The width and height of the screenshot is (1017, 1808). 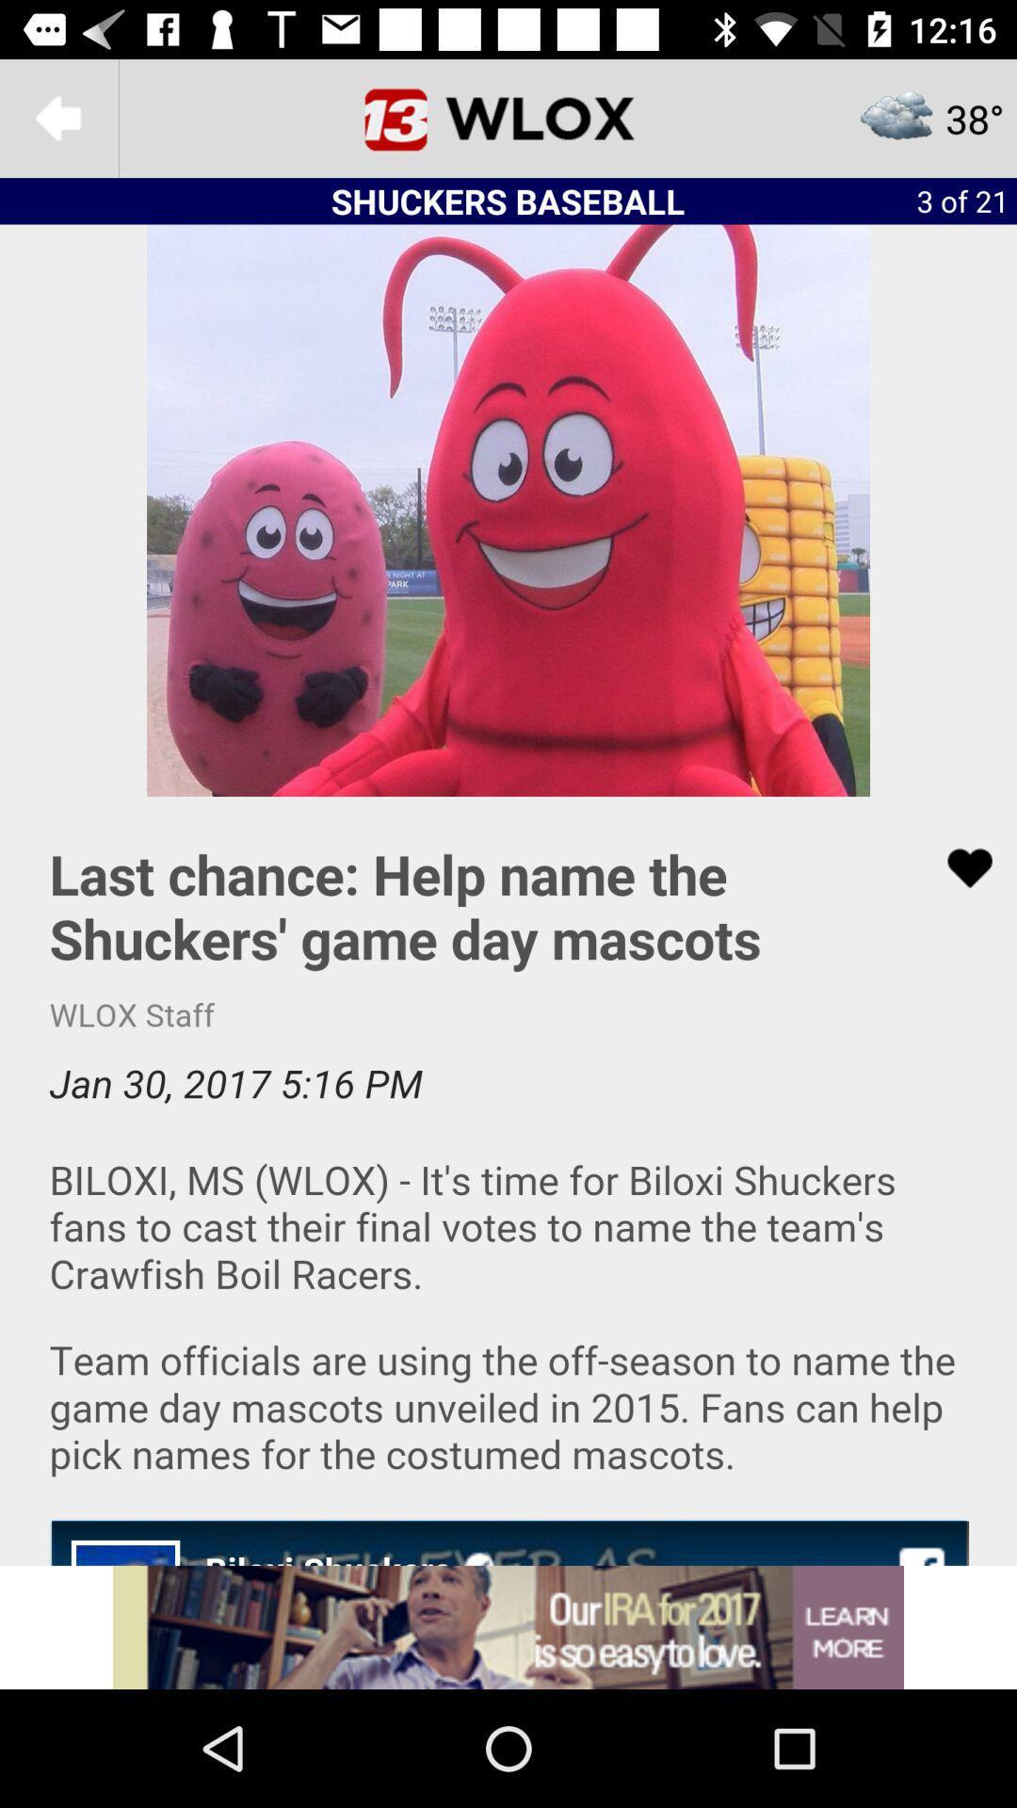 I want to click on go back, so click(x=57, y=117).